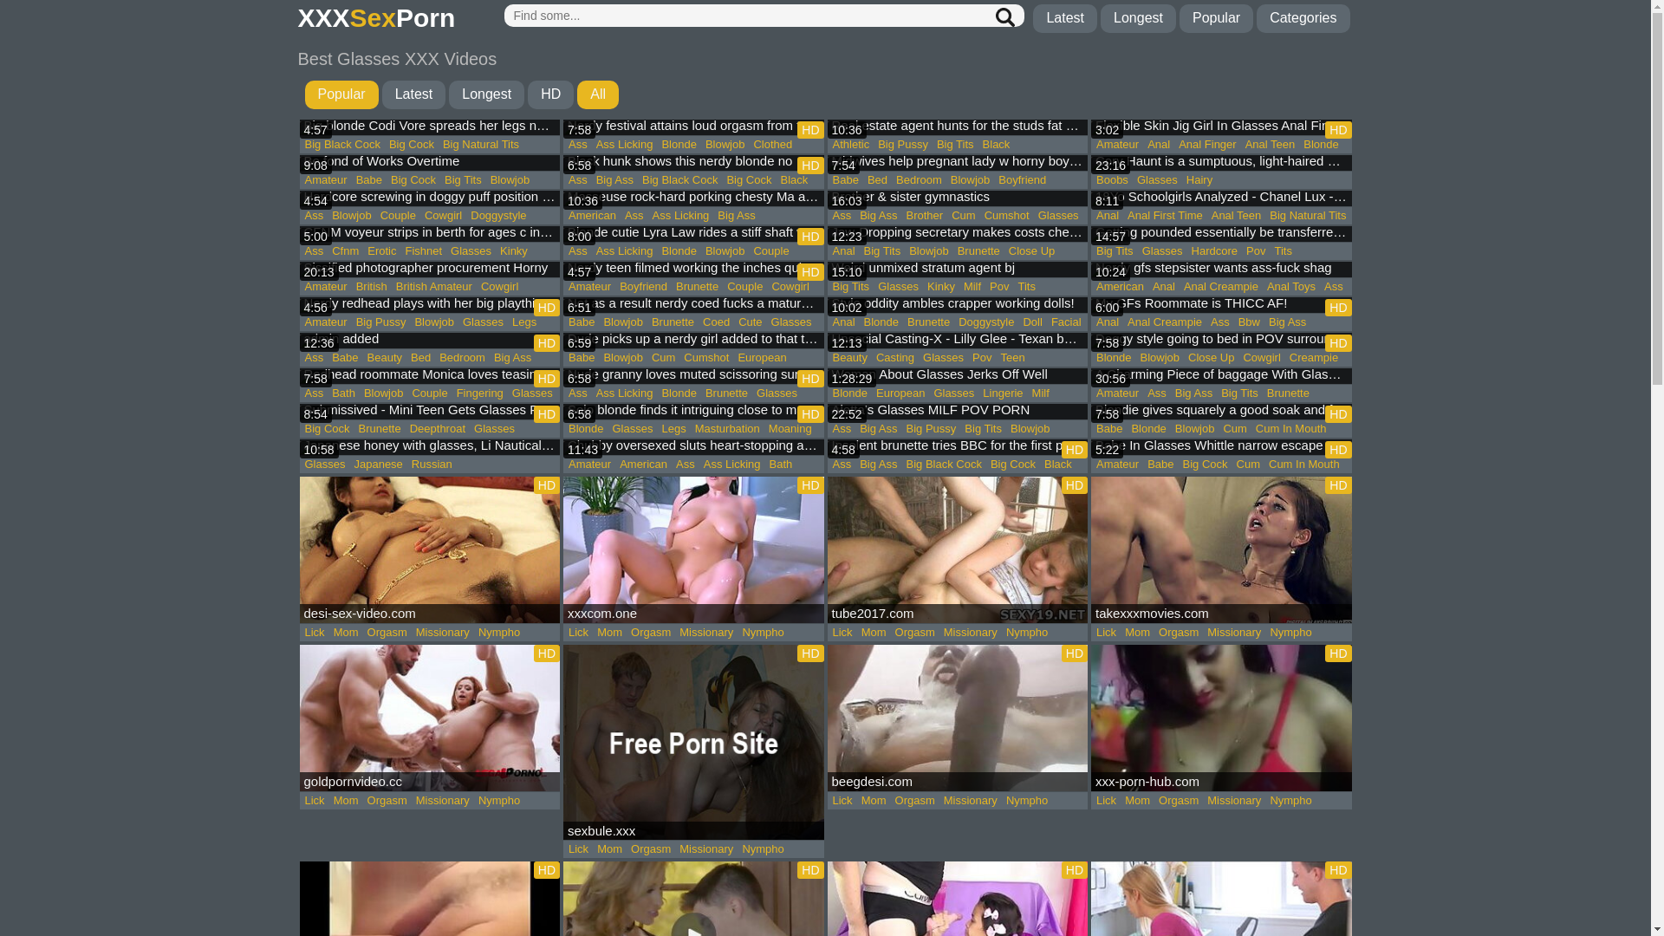 The width and height of the screenshot is (1664, 936). Describe the element at coordinates (1213, 250) in the screenshot. I see `'Hardcore'` at that location.